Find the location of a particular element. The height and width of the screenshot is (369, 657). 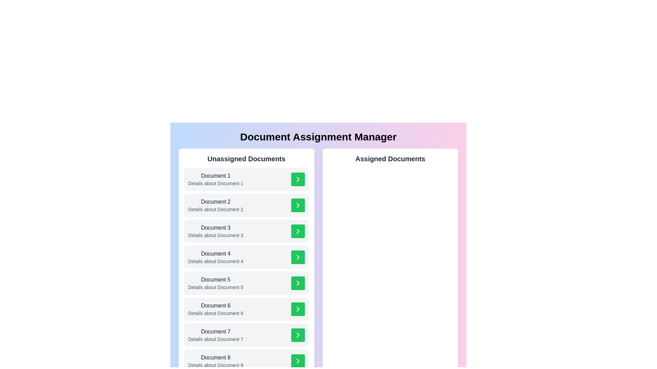

the right-facing chevron arrow icon, which is white and located within a green circular button, positioned to the right of the 'Document 1' entry in the 'Unassigned Documents' list is located at coordinates (298, 179).